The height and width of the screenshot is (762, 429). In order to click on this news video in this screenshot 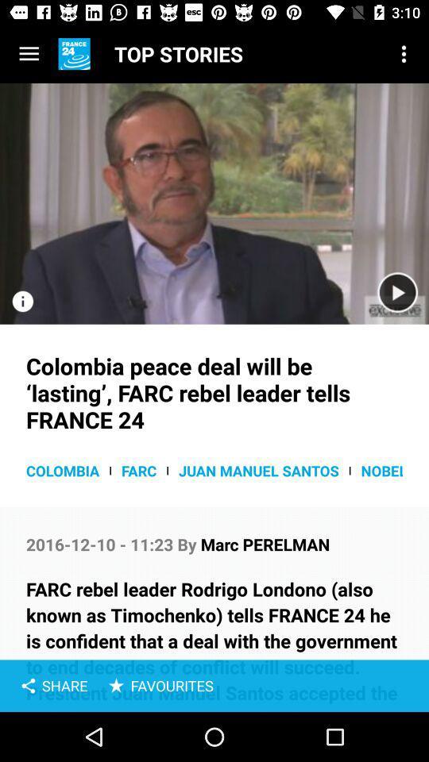, I will do `click(214, 202)`.